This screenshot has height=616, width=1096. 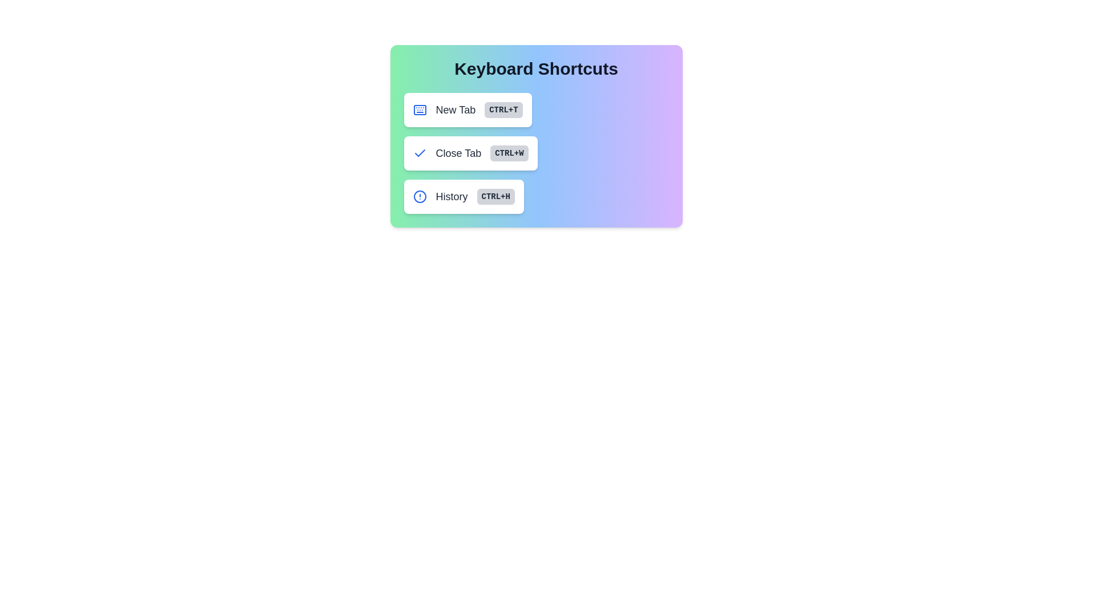 I want to click on the blue keyboard icon located next to the 'New Tab' text in the 'Keyboard Shortcuts' section, so click(x=419, y=110).